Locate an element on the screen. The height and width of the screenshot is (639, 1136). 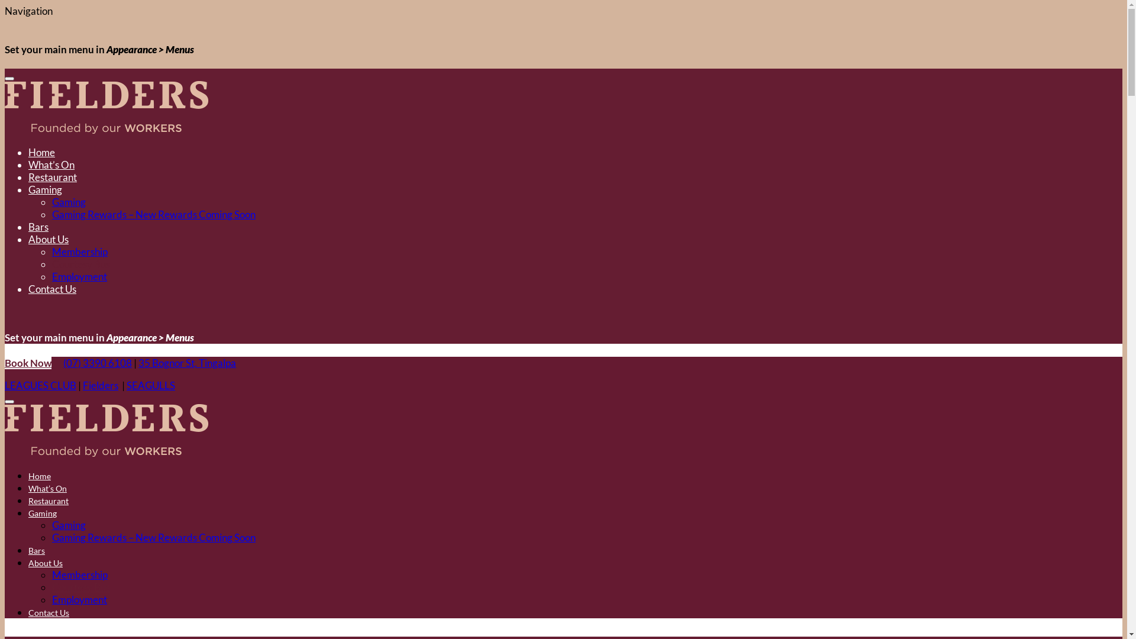
'Home' is located at coordinates (41, 151).